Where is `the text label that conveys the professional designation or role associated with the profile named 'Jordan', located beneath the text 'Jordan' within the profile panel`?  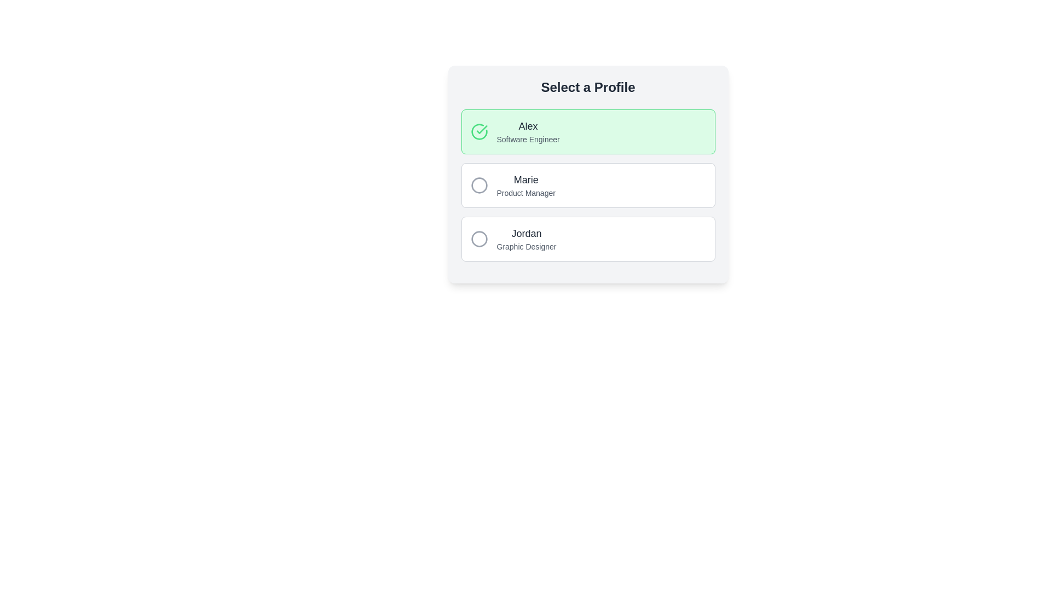 the text label that conveys the professional designation or role associated with the profile named 'Jordan', located beneath the text 'Jordan' within the profile panel is located at coordinates (526, 247).